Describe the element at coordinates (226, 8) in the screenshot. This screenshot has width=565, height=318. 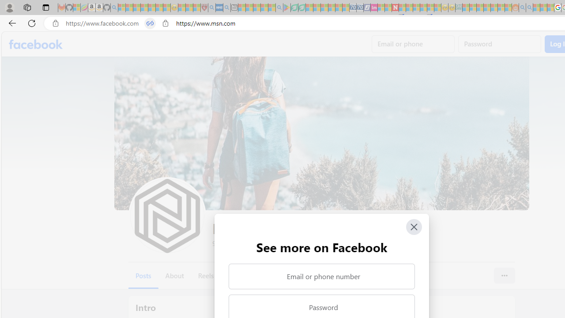
I see `'utah sues federal government - Search - Sleeping'` at that location.